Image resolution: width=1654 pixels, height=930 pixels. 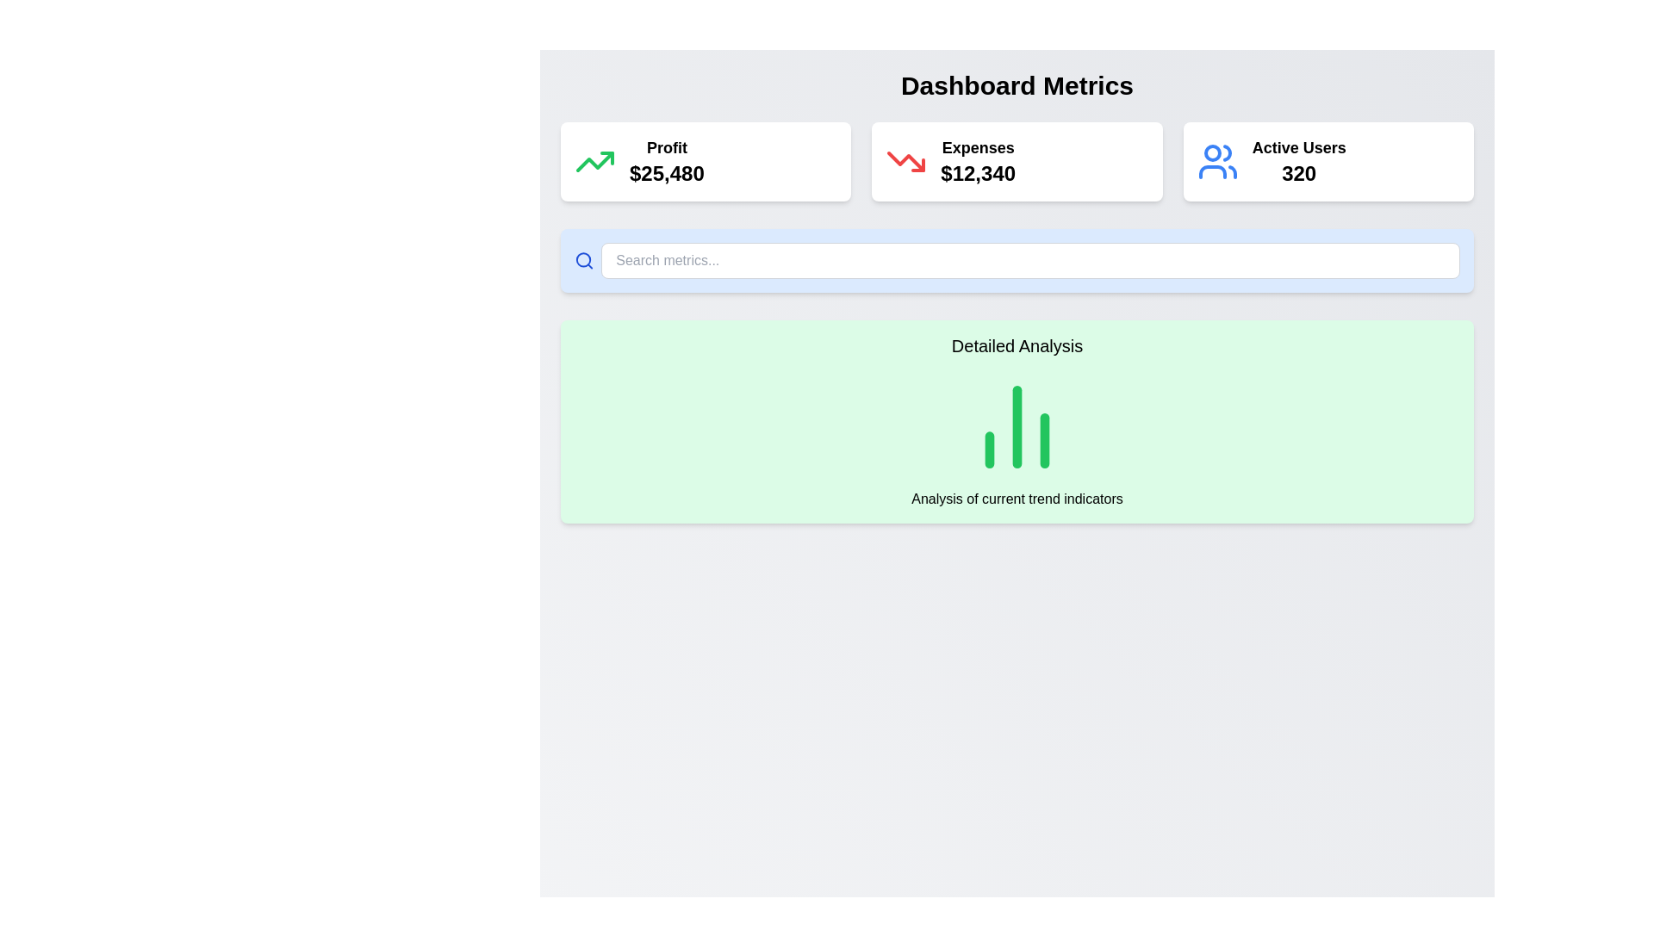 I want to click on the search icon located at the leftmost side of the search bar component, directly above the 'Detailed Analysis' section, to initiate a search, so click(x=584, y=261).